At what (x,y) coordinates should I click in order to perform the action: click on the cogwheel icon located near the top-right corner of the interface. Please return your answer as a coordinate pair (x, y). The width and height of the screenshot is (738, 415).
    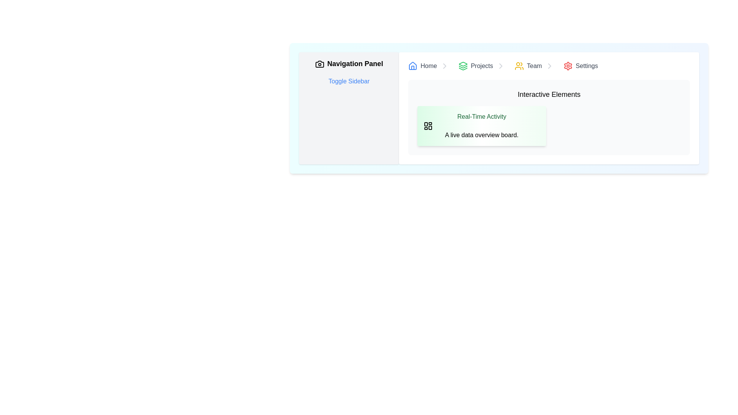
    Looking at the image, I should click on (568, 66).